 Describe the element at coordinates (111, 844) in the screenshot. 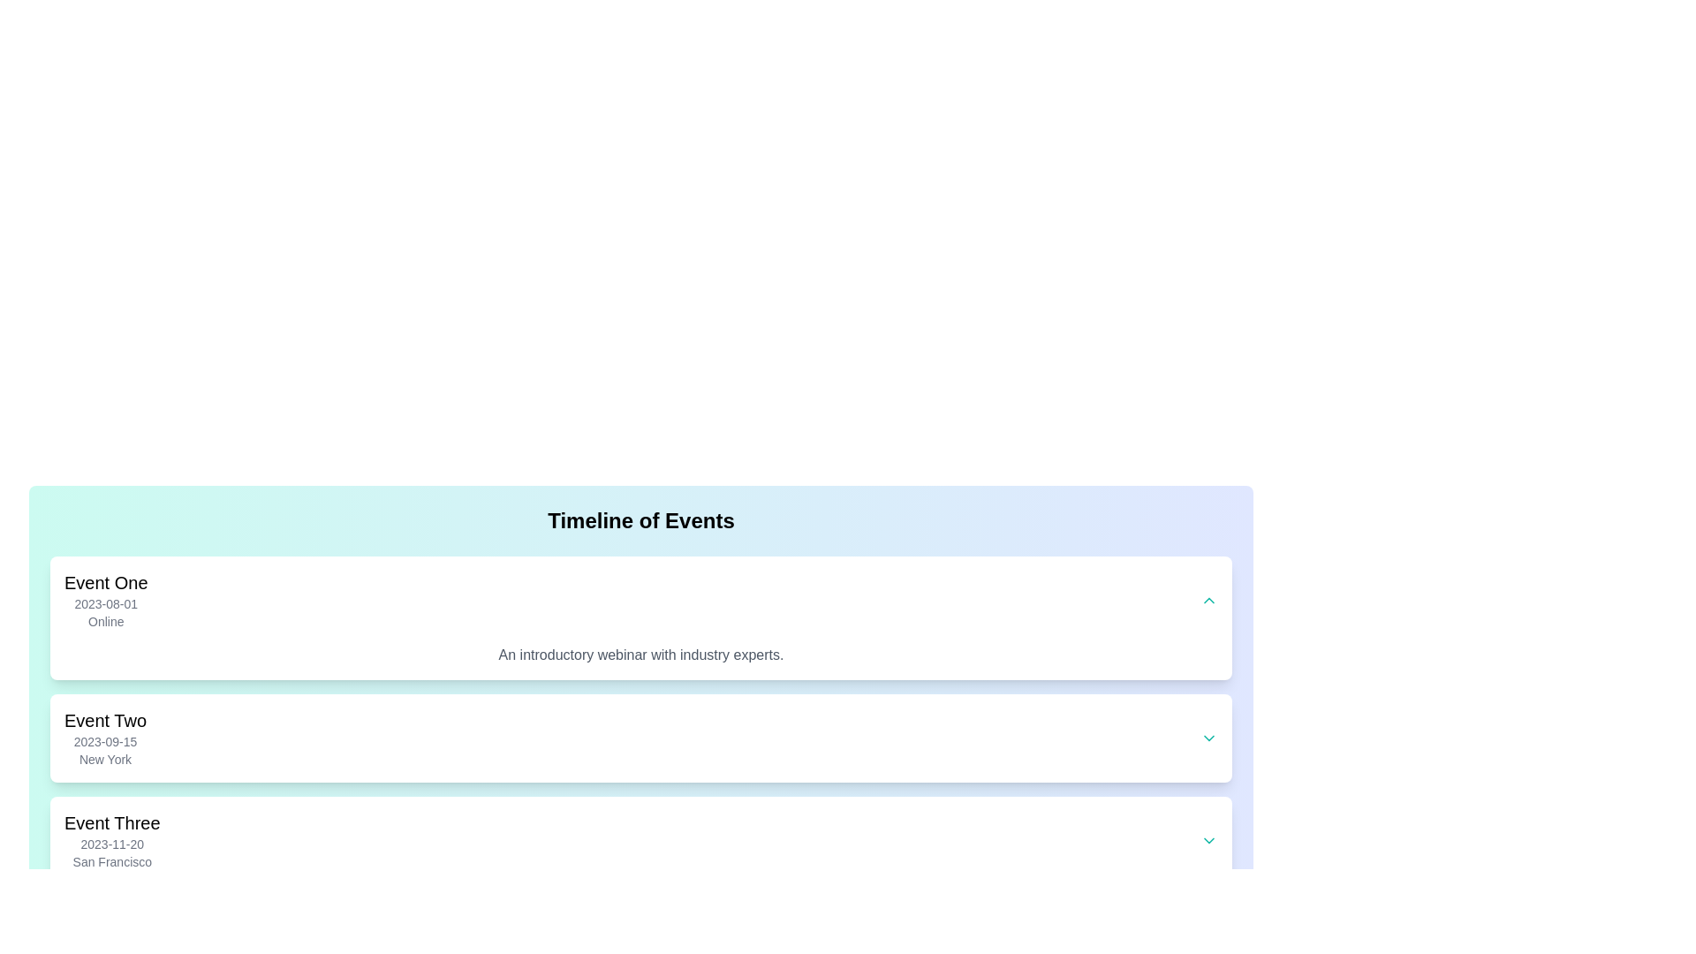

I see `the text label displaying the date for 'Event Three', which is positioned between the title 'Event Three' and the location 'San Francisco'` at that location.